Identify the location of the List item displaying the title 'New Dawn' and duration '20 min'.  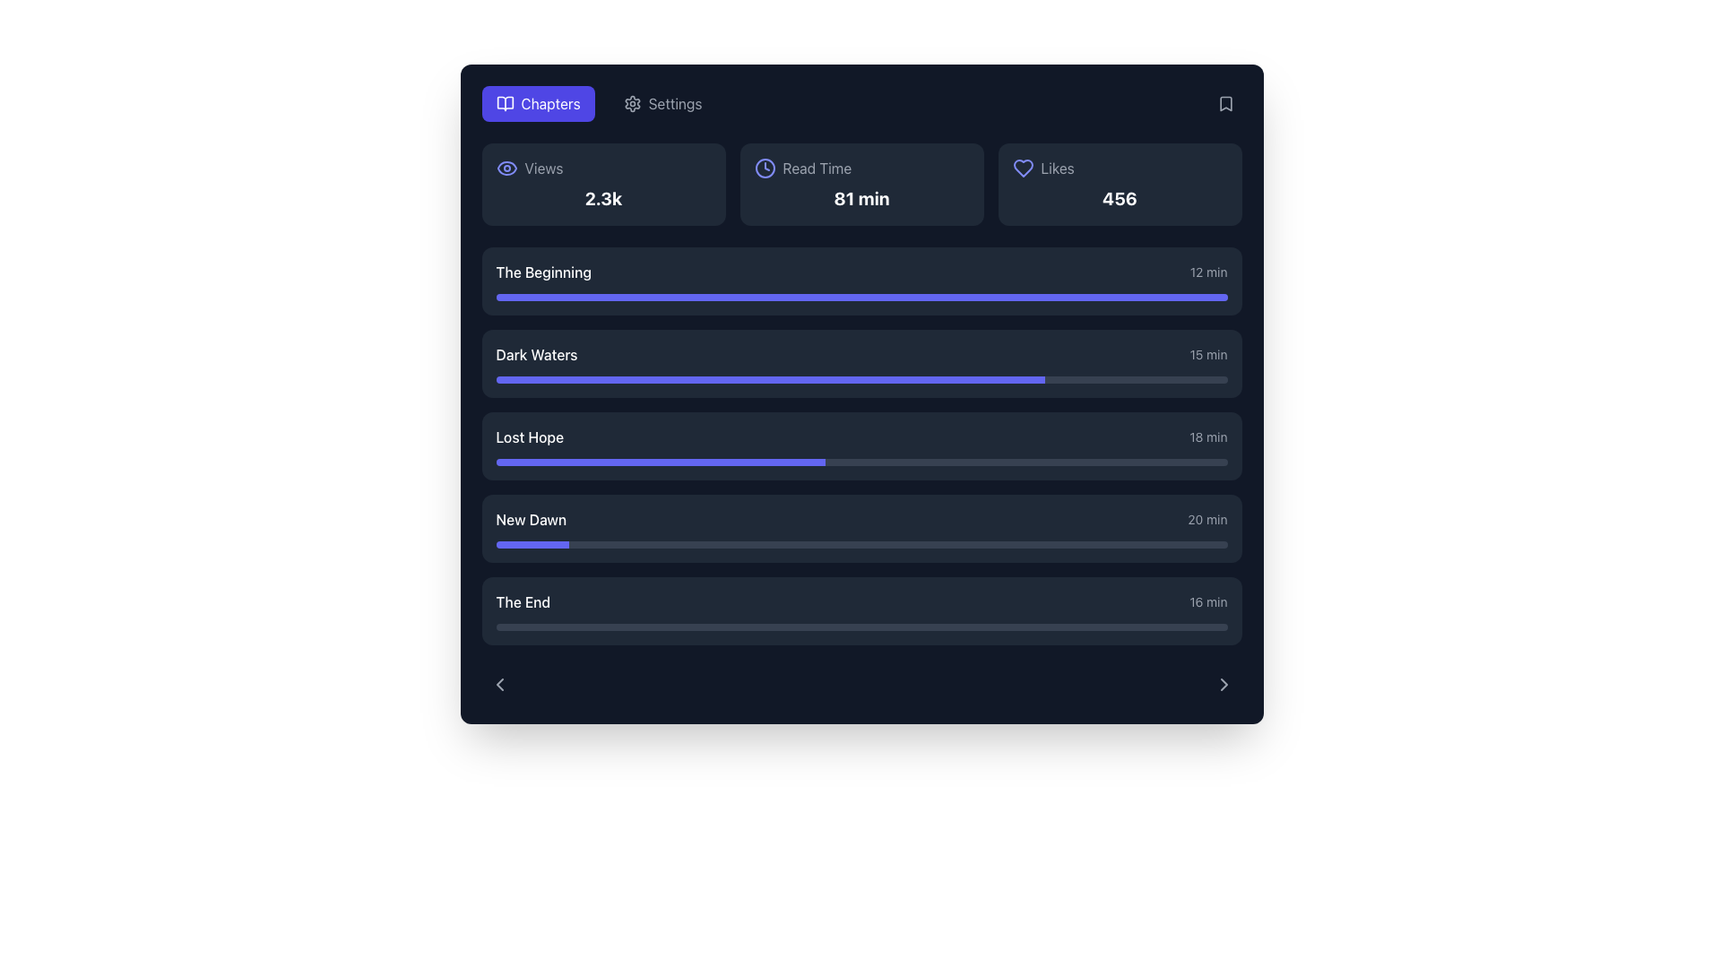
(861, 519).